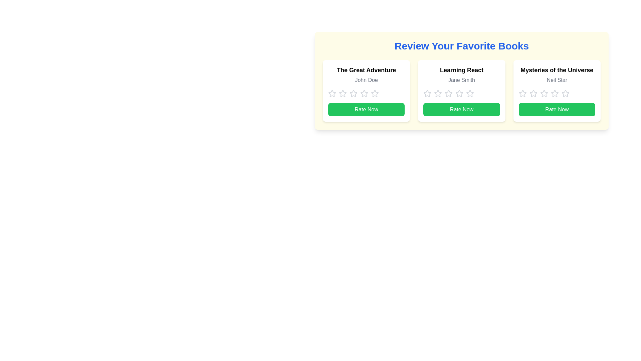 This screenshot has height=361, width=641. Describe the element at coordinates (522, 94) in the screenshot. I see `the first star icon in the review rating section under the 'Mysteries of the Universe' card to enlarge it` at that location.